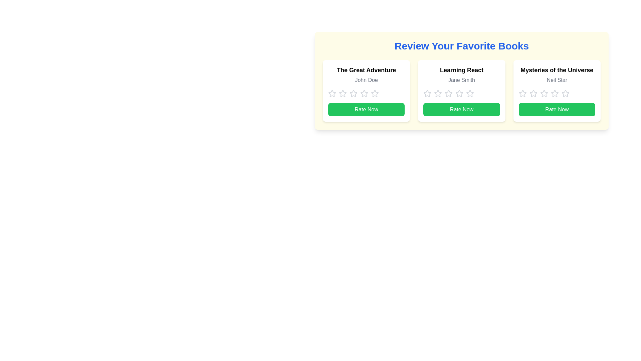 This screenshot has height=361, width=641. Describe the element at coordinates (522, 94) in the screenshot. I see `the first star icon in the review rating section under the 'Mysteries of the Universe' card to enlarge it` at that location.